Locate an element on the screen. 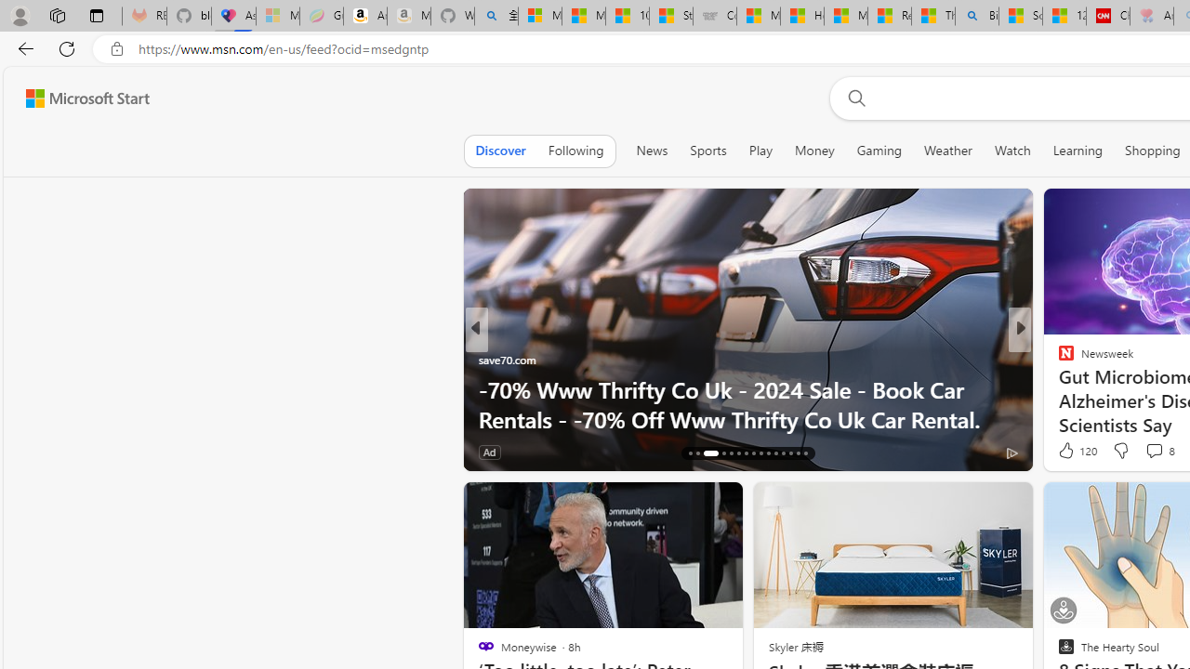 The image size is (1190, 669). 'AutomationID: tab-26' is located at coordinates (774, 453).